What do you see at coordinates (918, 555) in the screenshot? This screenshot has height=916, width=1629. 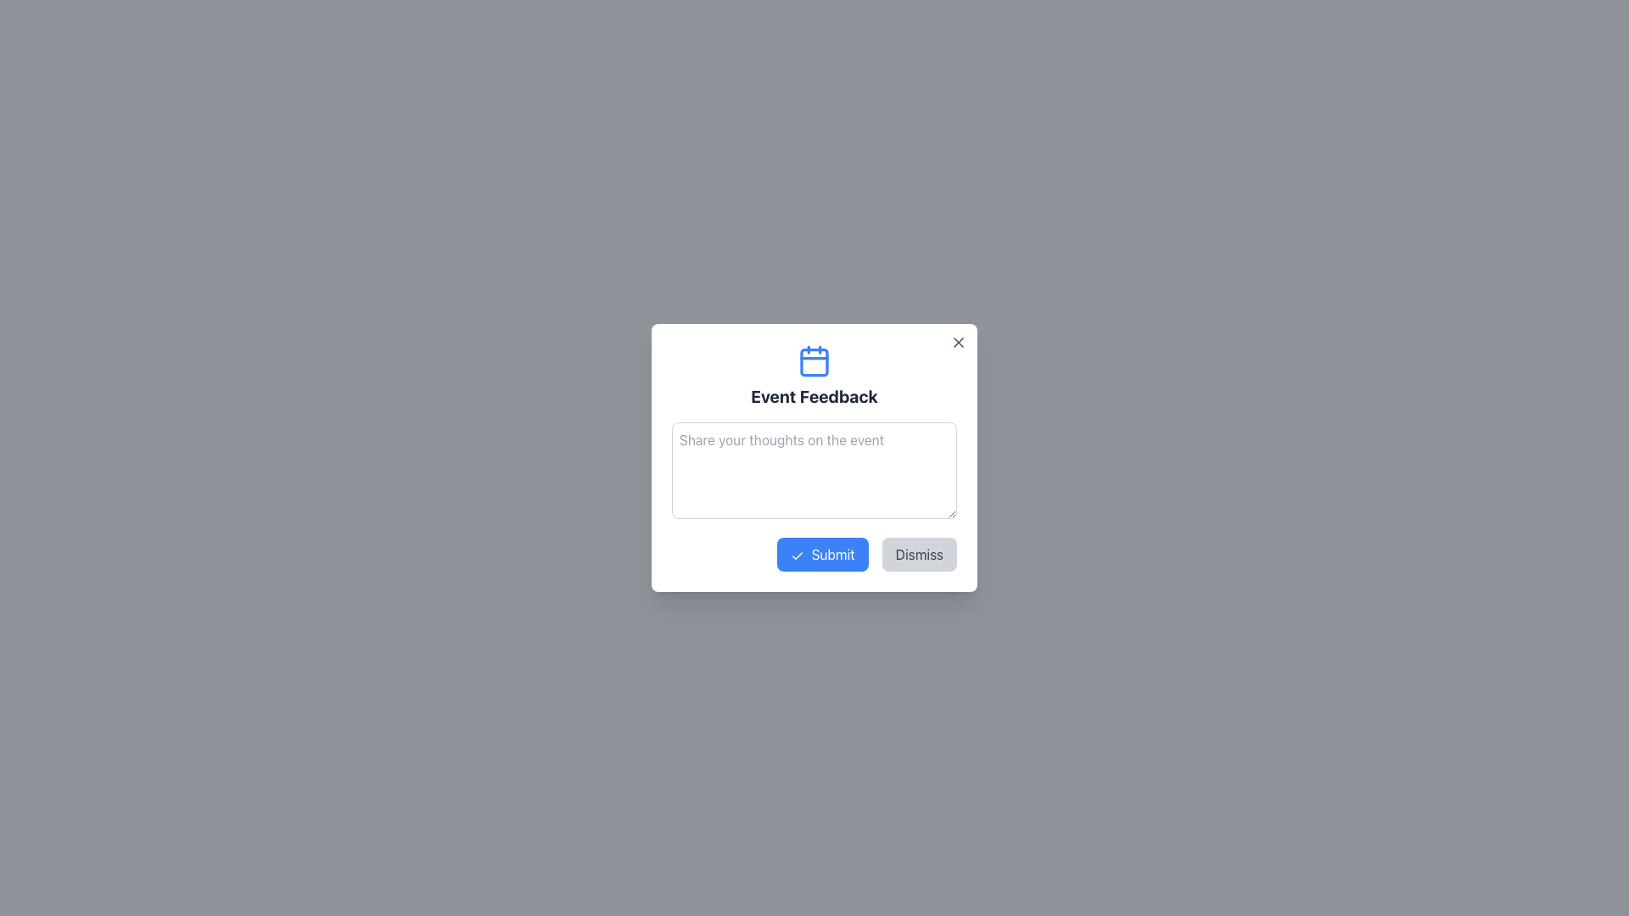 I see `the dismiss button located in the bottom-right corner of the modal dialog box` at bounding box center [918, 555].